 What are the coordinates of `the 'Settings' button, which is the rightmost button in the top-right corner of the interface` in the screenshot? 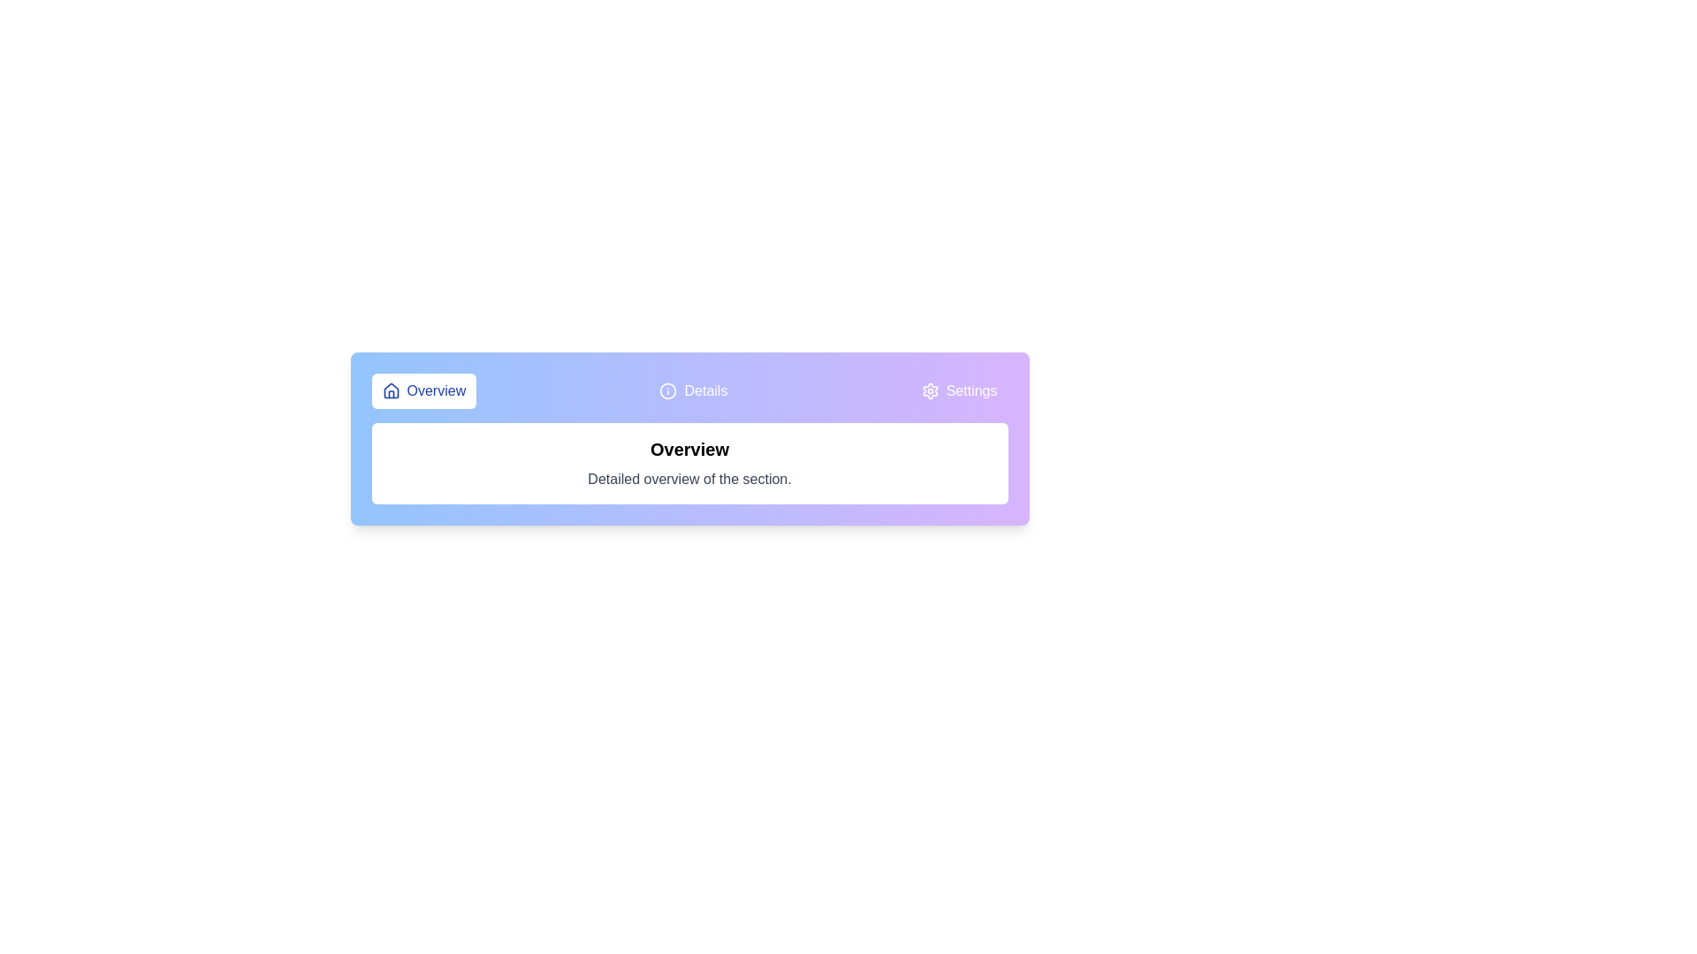 It's located at (958, 390).